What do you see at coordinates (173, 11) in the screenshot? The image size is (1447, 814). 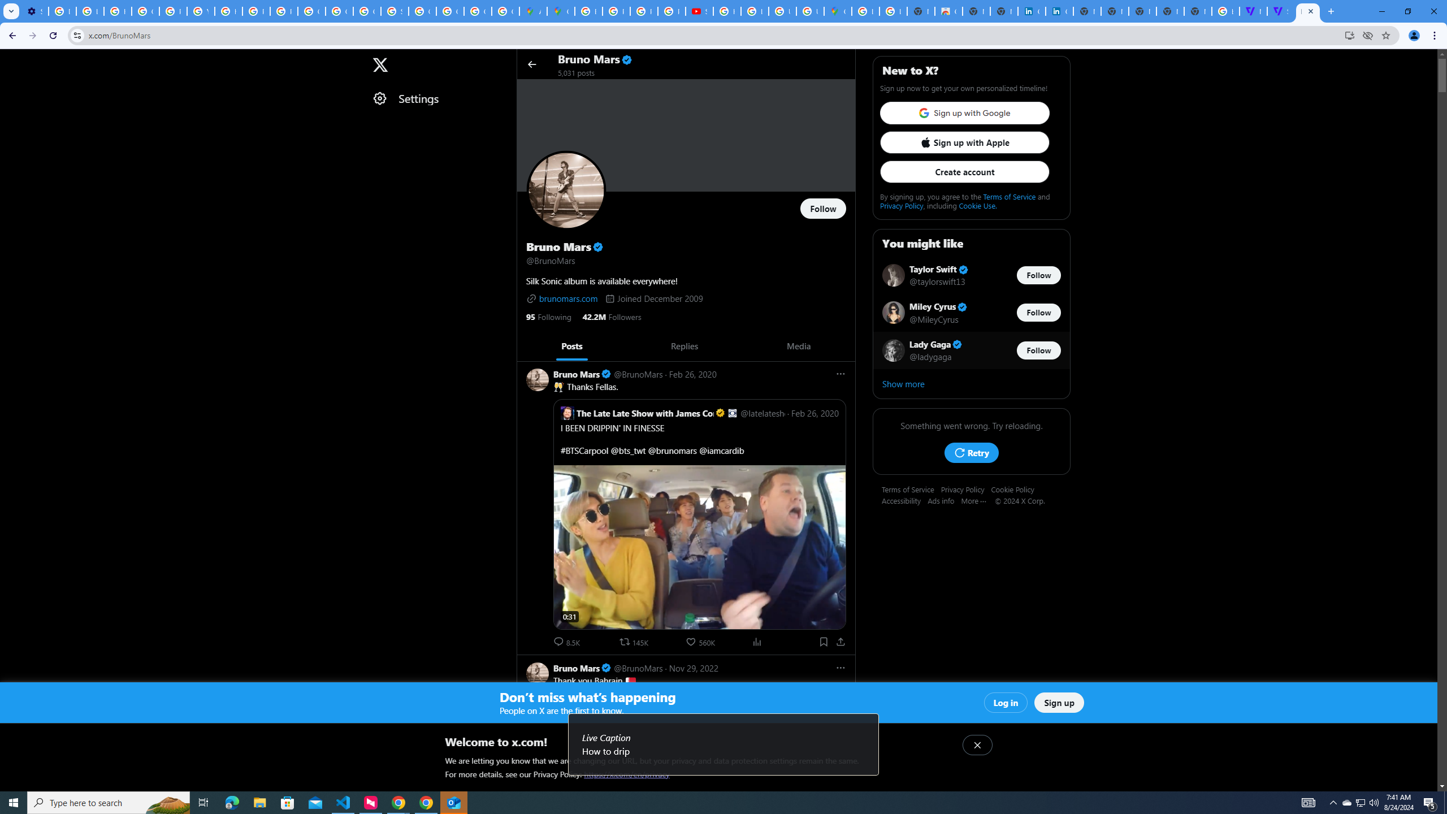 I see `'Privacy Help Center - Policies Help'` at bounding box center [173, 11].